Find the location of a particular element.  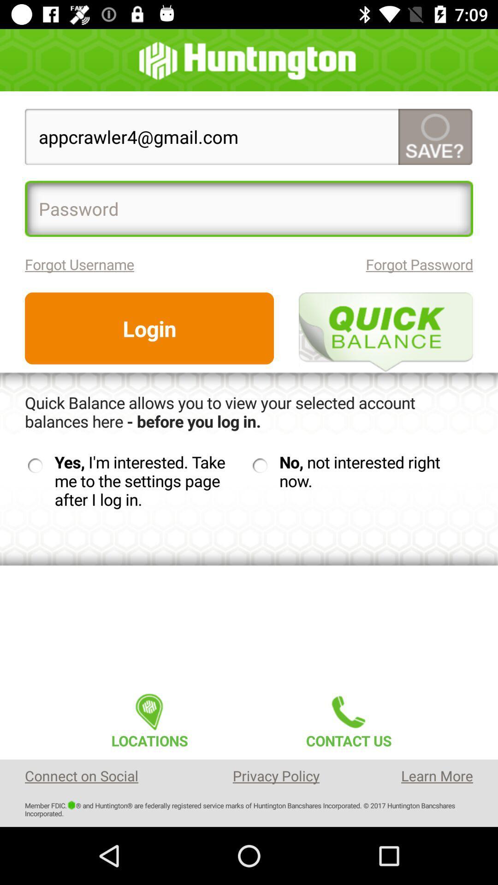

contact us is located at coordinates (349, 718).